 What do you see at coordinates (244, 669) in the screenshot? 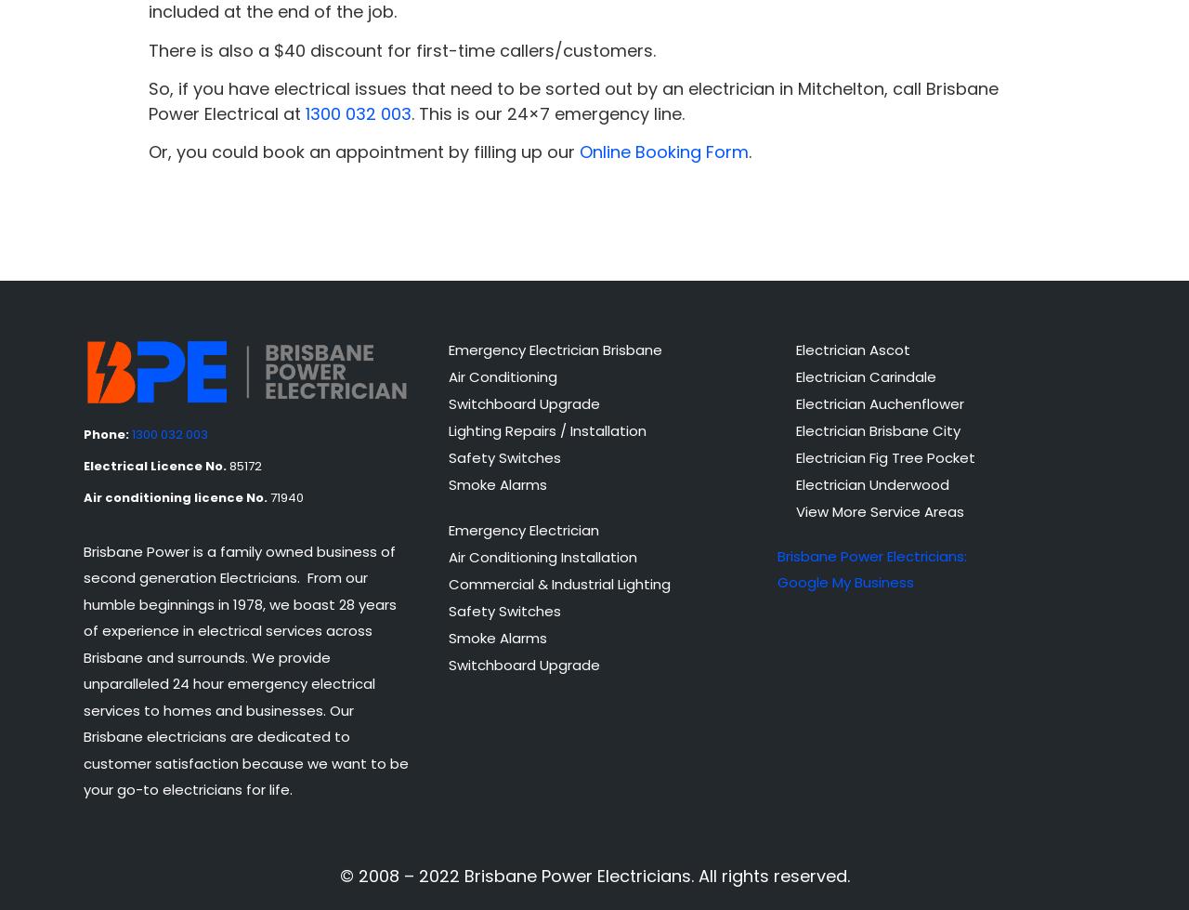
I see `'Brisbane Power is a family owned business of second generation Electricians.  From our humble beginnings in 1978, we boast 28 years of experience in electrical services across Brisbane and surrounds. We provide unparalleled 24 hour emergency electrical services to homes and businesses. Our Brisbane electricians are dedicated to customer satisfaction because we want to be your go-to electricians for life.'` at bounding box center [244, 669].